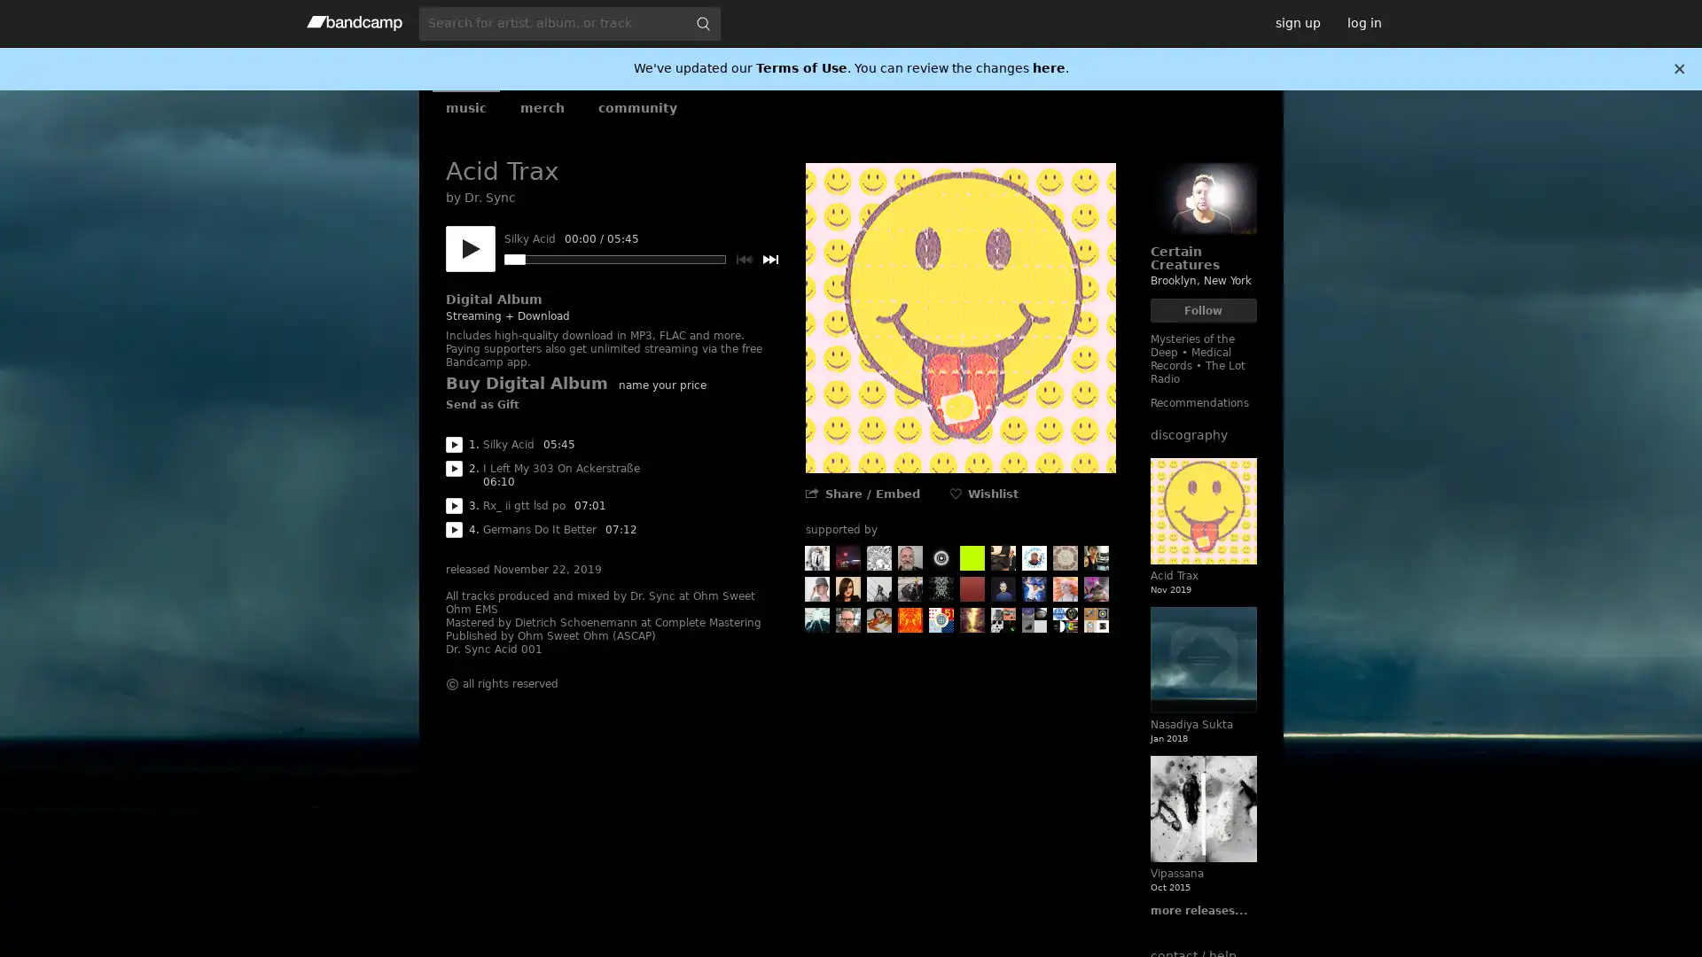 Image resolution: width=1702 pixels, height=957 pixels. I want to click on Send as Gift, so click(481, 406).